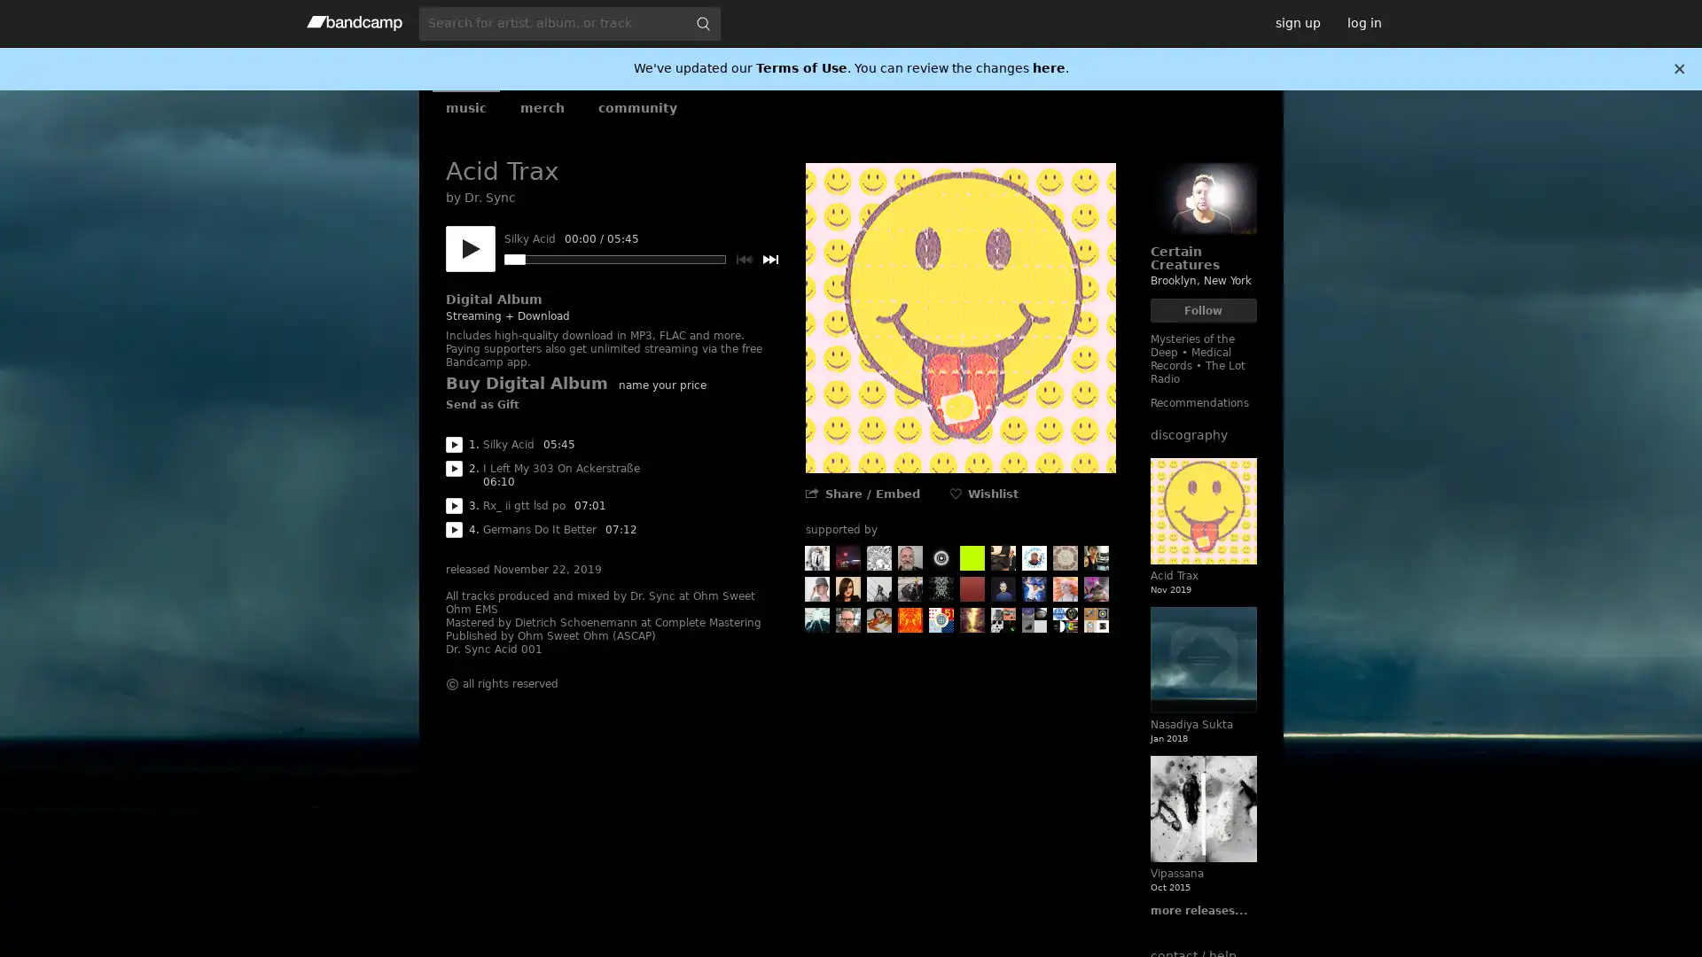 Image resolution: width=1702 pixels, height=957 pixels. I want to click on Send as Gift, so click(481, 406).